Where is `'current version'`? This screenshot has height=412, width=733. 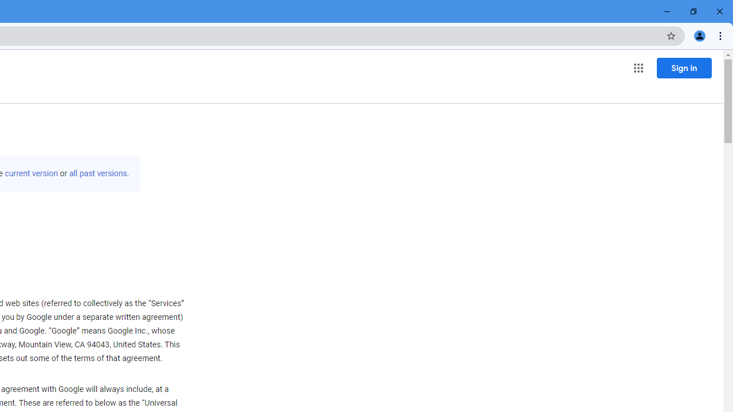 'current version' is located at coordinates (31, 173).